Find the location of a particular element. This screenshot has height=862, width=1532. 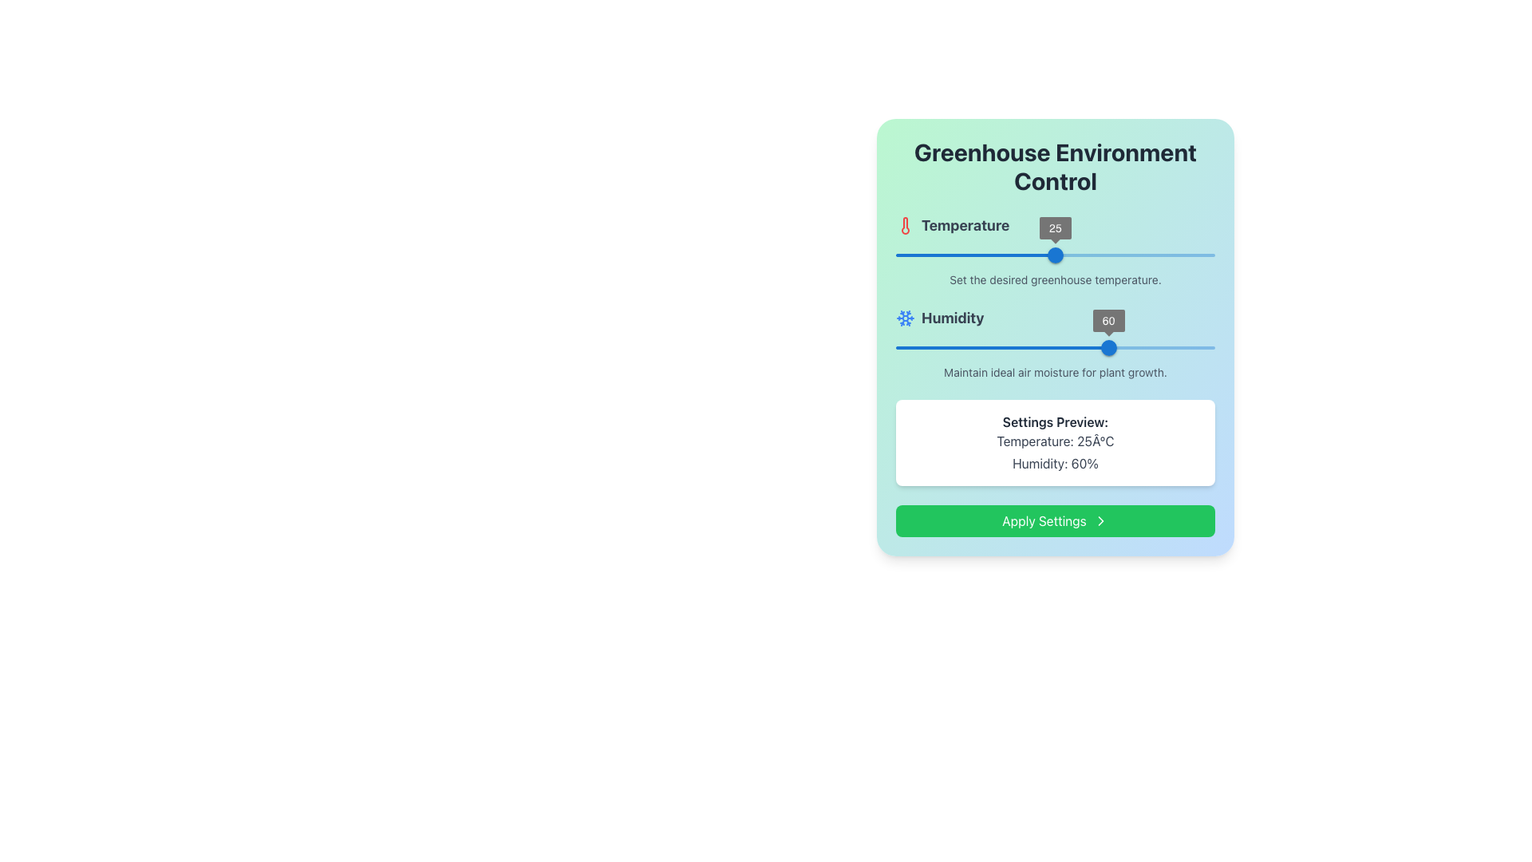

the humidity is located at coordinates (1061, 346).